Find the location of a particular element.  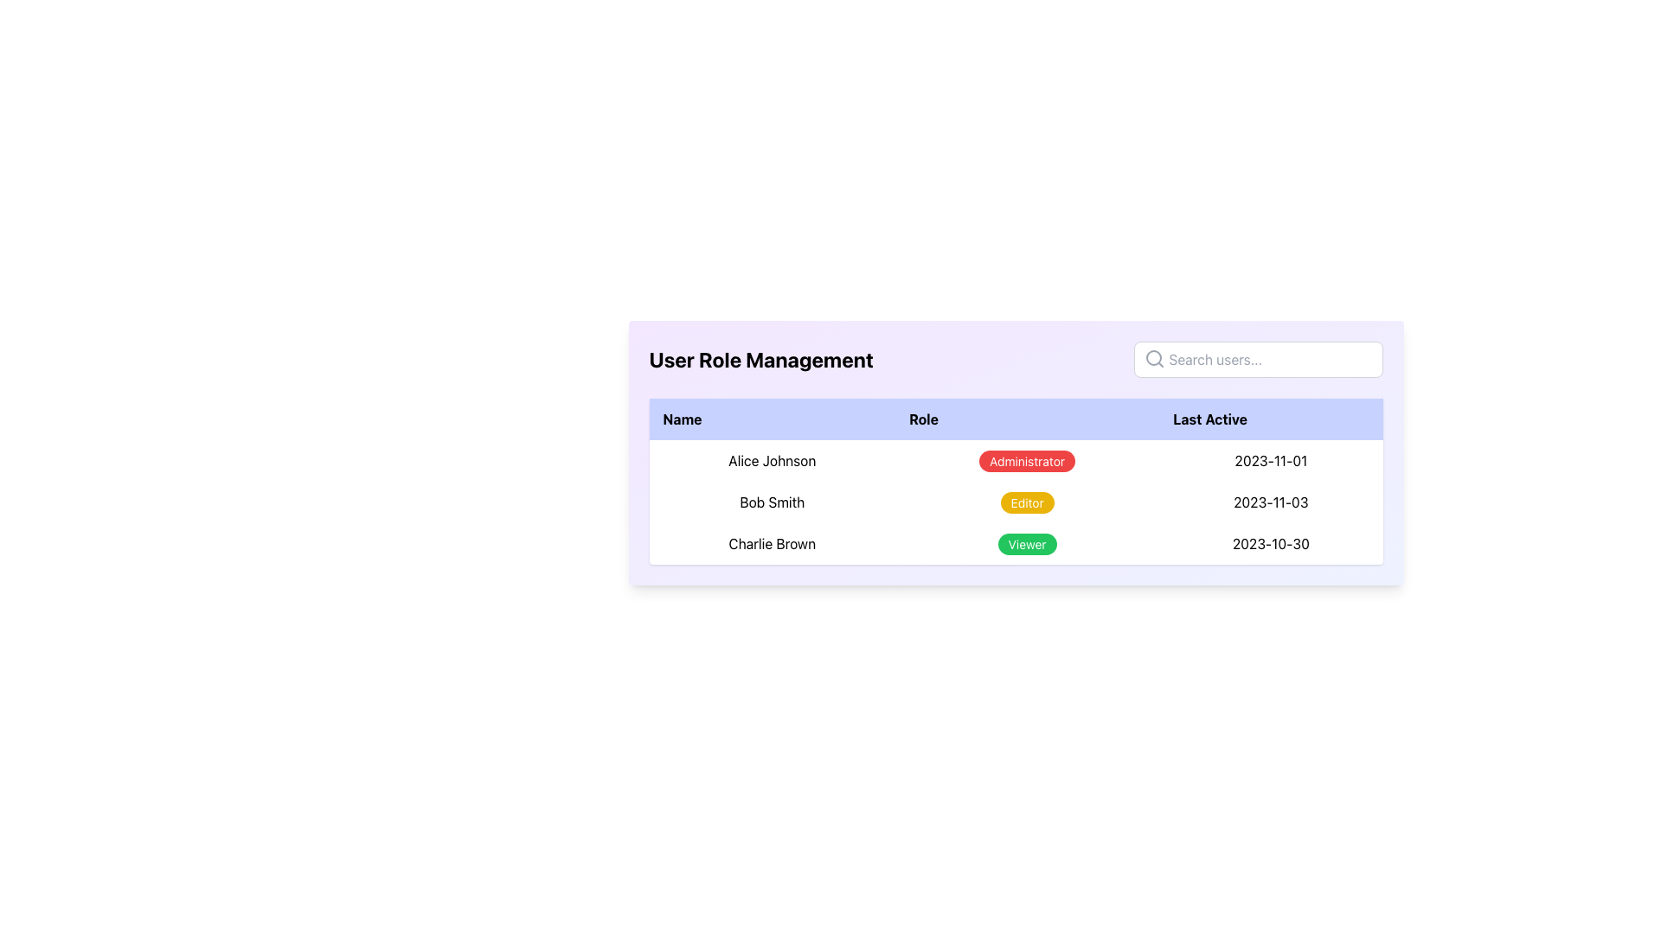

the role badge indicating 'Editor' for the user 'Bob Smith', located in the 'Role' column of the second row in the table is located at coordinates (1027, 502).